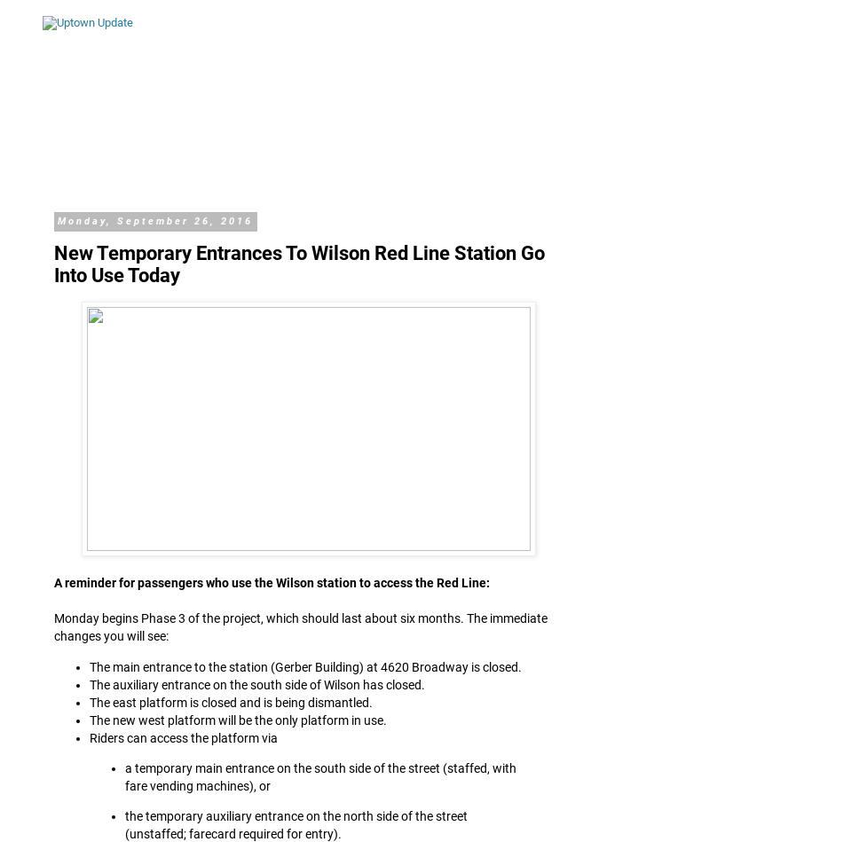 This screenshot has height=842, width=859. Describe the element at coordinates (52, 582) in the screenshot. I see `'A reminder for passengers who use the Wilson station to access the Red Line:'` at that location.